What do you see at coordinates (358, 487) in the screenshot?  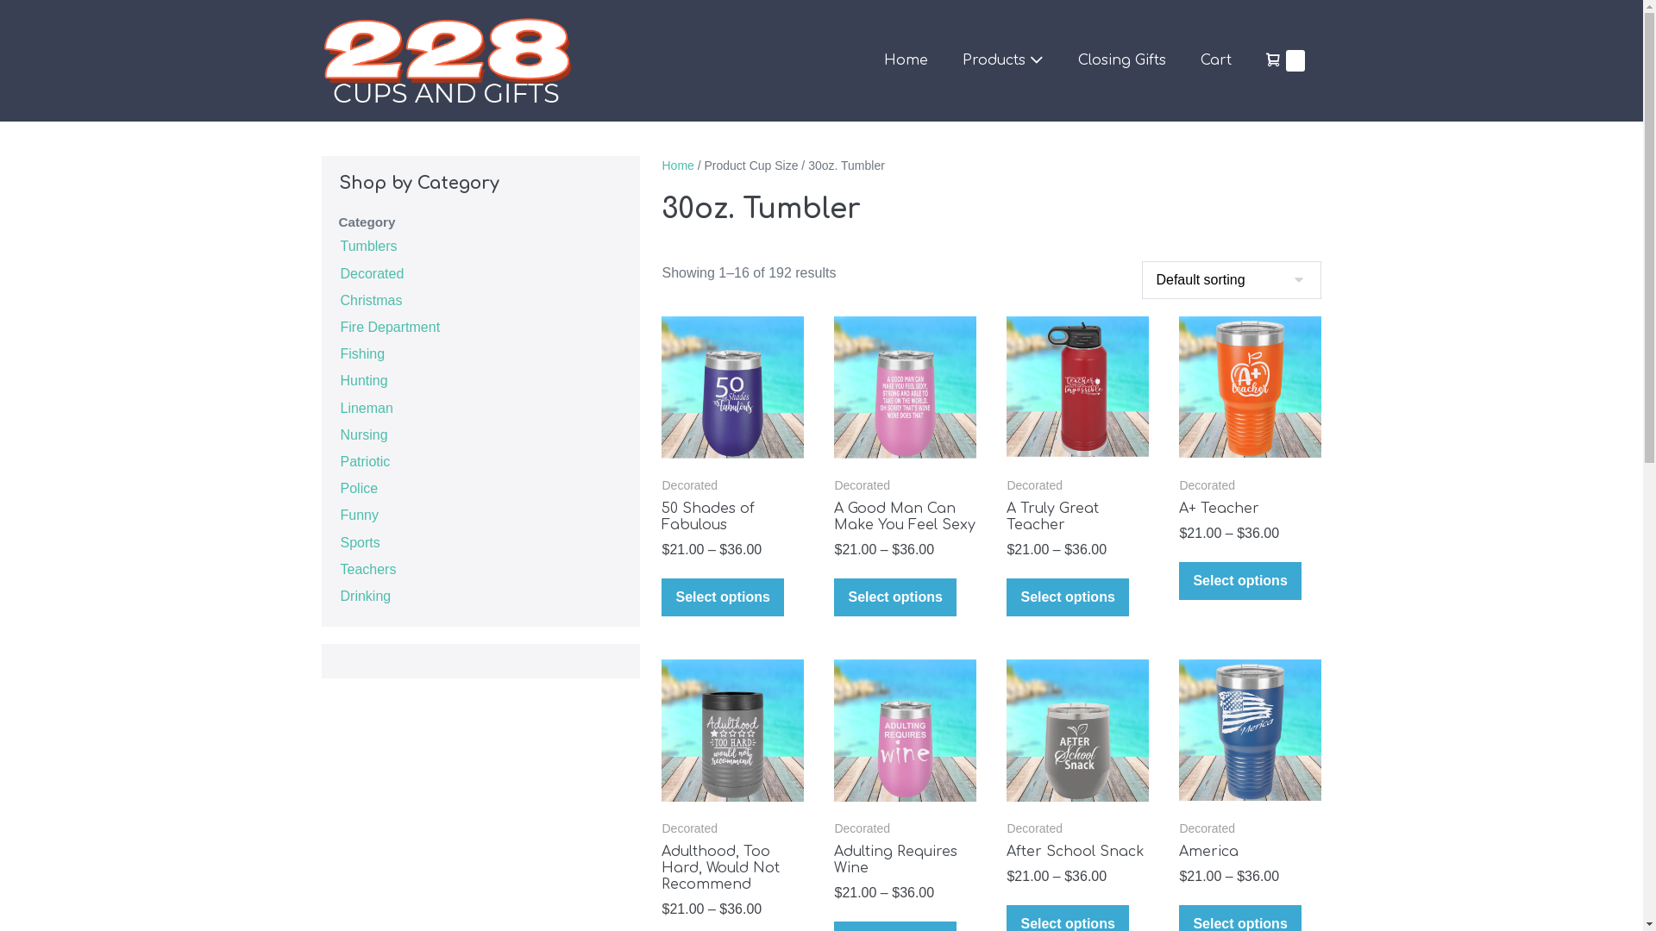 I see `'Police'` at bounding box center [358, 487].